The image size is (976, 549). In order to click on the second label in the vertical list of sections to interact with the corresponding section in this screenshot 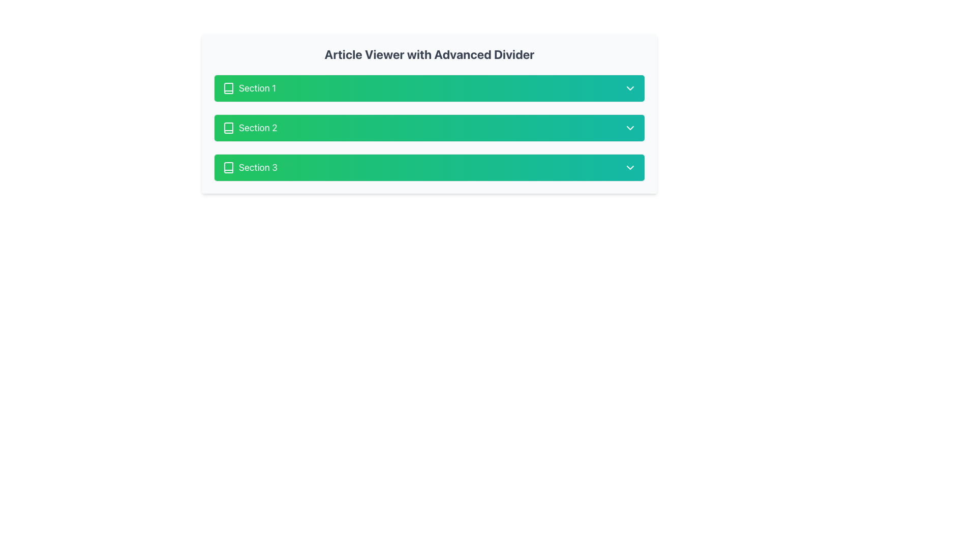, I will do `click(250, 127)`.